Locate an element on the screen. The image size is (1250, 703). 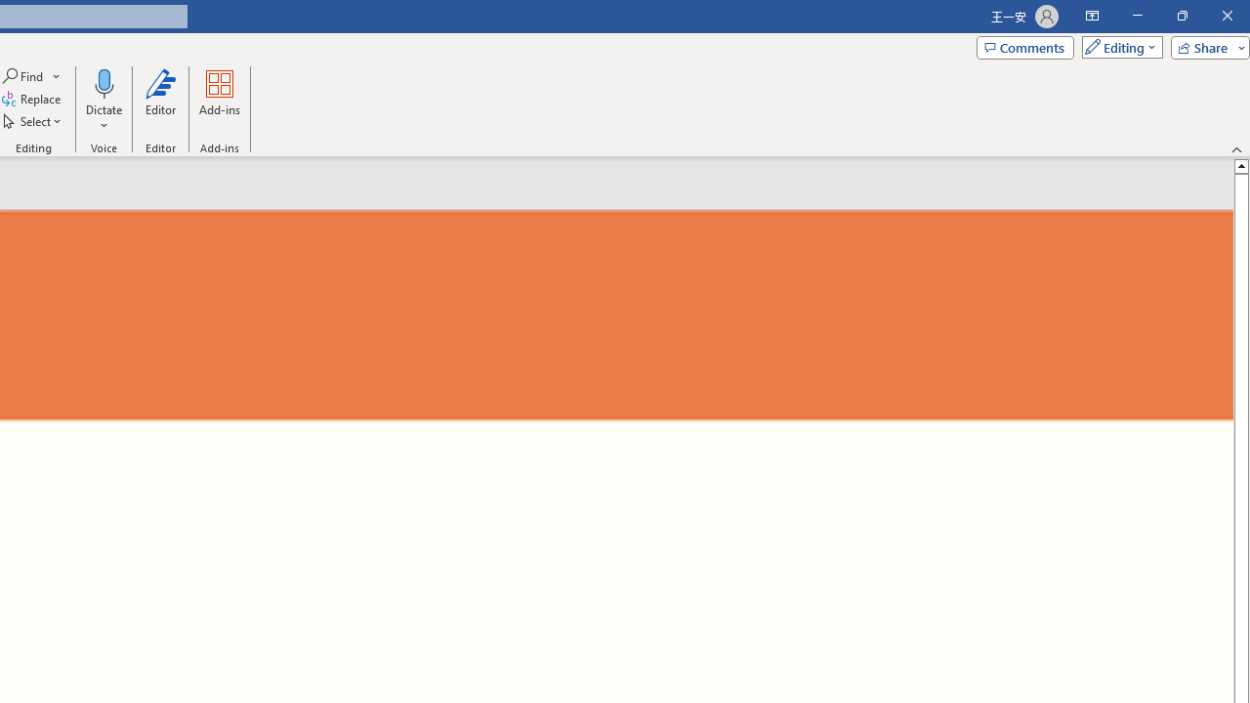
'Editing' is located at coordinates (1117, 46).